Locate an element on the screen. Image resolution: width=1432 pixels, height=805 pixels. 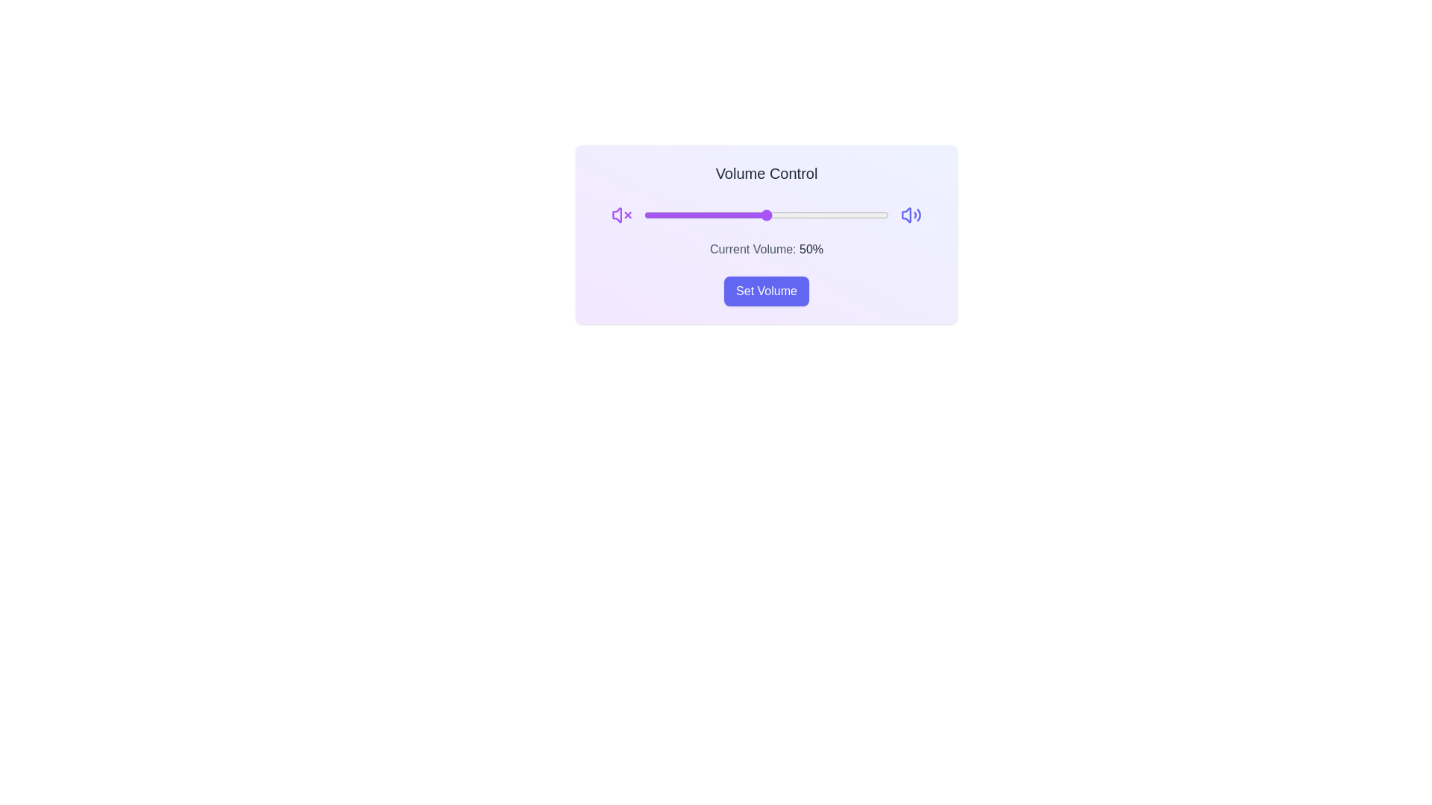
the volume slider to set the volume to 87% is located at coordinates (856, 215).